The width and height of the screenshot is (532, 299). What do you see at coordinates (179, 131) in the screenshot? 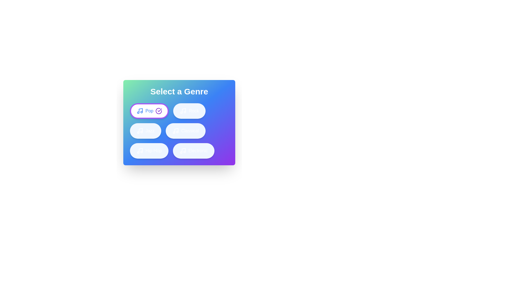
I see `the 'Classical' button in the grid of musical genres` at bounding box center [179, 131].